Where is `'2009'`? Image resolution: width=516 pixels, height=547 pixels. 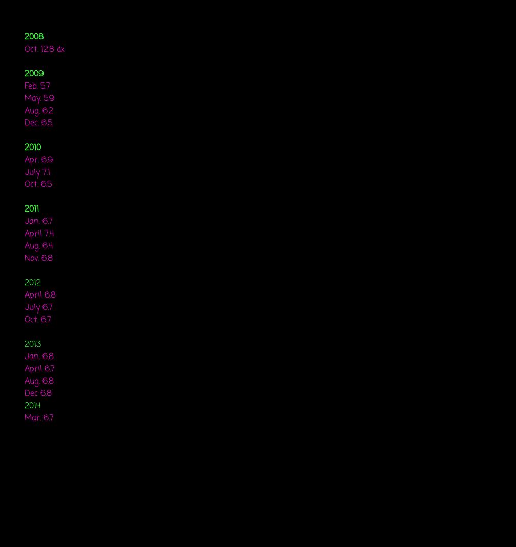
'2009' is located at coordinates (24, 74).